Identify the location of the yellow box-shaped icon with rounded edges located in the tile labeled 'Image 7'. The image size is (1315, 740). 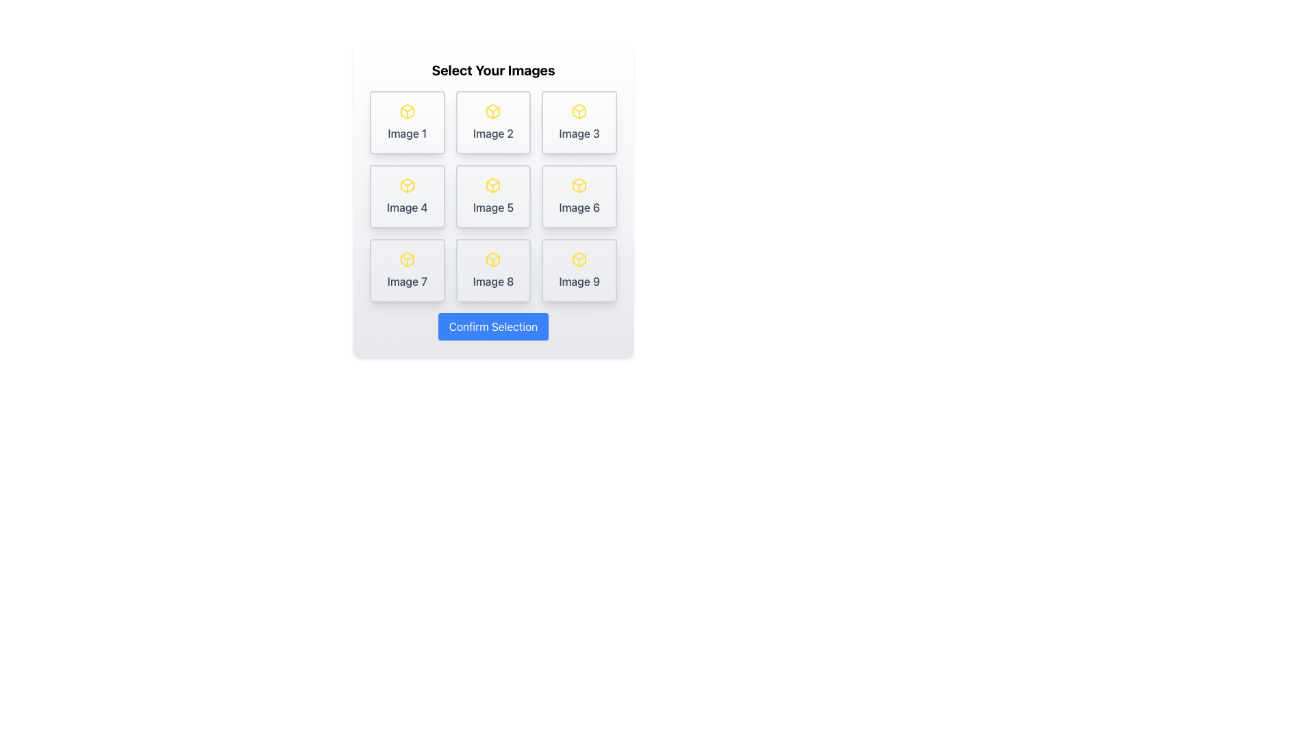
(406, 259).